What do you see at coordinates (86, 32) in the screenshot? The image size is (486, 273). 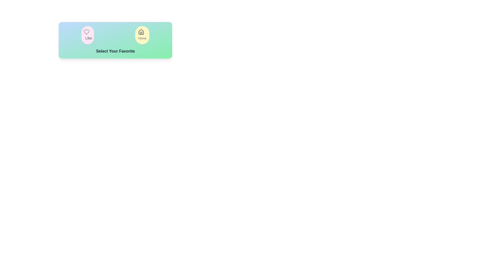 I see `the heart-shaped icon with a gray outline and transparent fill, located within a rounded pink-circular background, positioned above the 'Like' label` at bounding box center [86, 32].